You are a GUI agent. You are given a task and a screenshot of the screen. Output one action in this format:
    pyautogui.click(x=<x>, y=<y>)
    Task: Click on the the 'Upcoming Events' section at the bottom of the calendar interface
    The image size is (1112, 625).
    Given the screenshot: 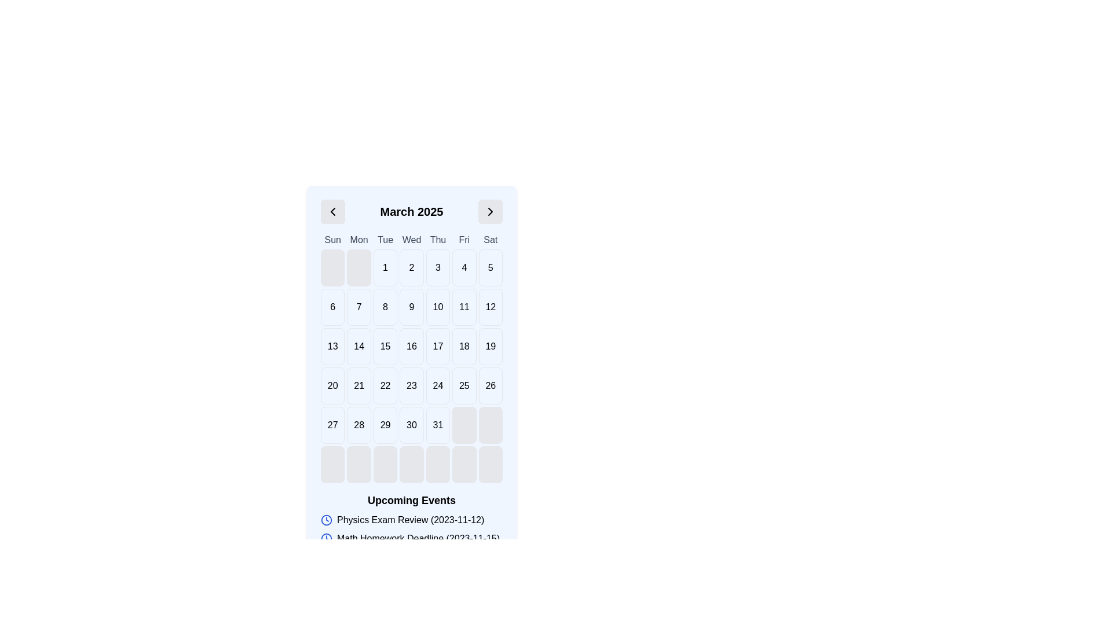 What is the action you would take?
    pyautogui.click(x=411, y=519)
    